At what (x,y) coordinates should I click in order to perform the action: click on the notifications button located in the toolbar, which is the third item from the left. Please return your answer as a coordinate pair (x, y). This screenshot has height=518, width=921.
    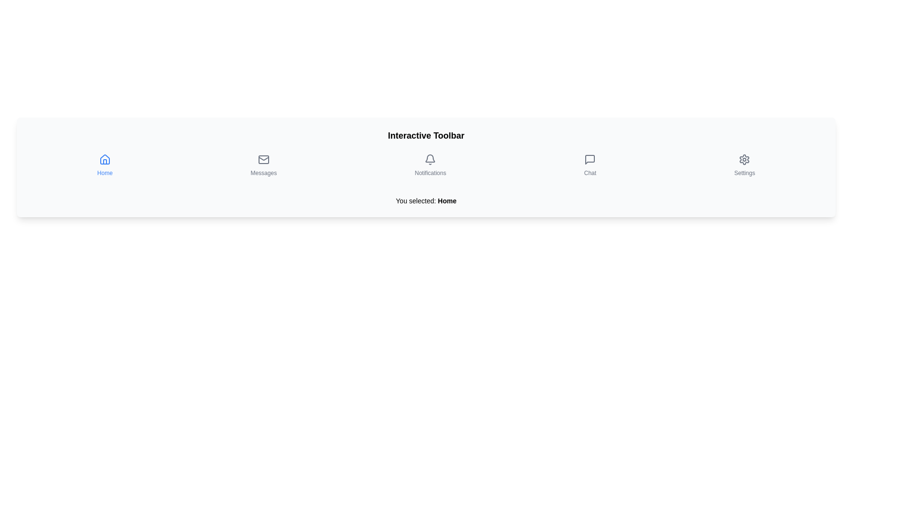
    Looking at the image, I should click on (430, 165).